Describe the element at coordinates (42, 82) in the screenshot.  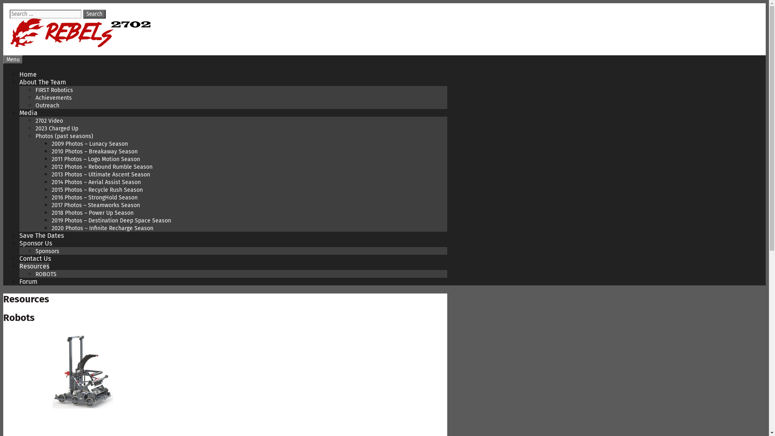
I see `'About The Team'` at that location.